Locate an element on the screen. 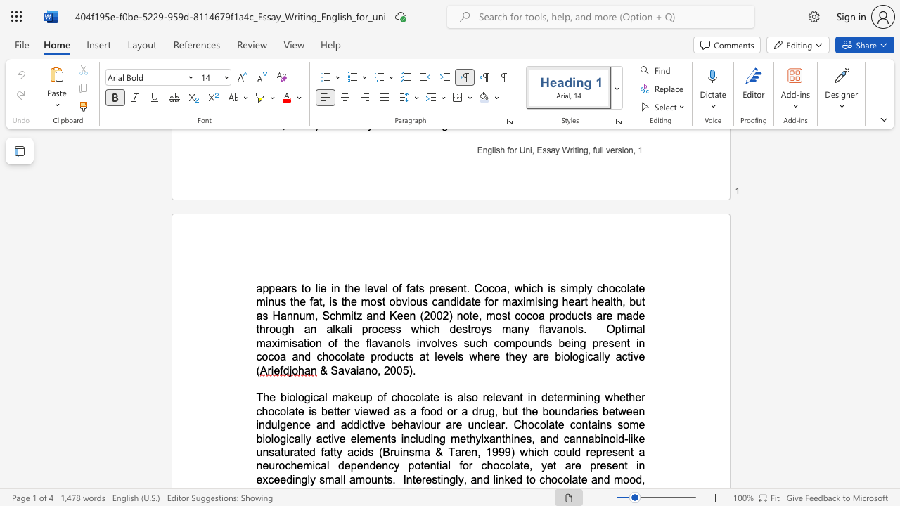  the subset text "nterestin" within the text "Interestingly, and linked to chocolate and" is located at coordinates (405, 479).